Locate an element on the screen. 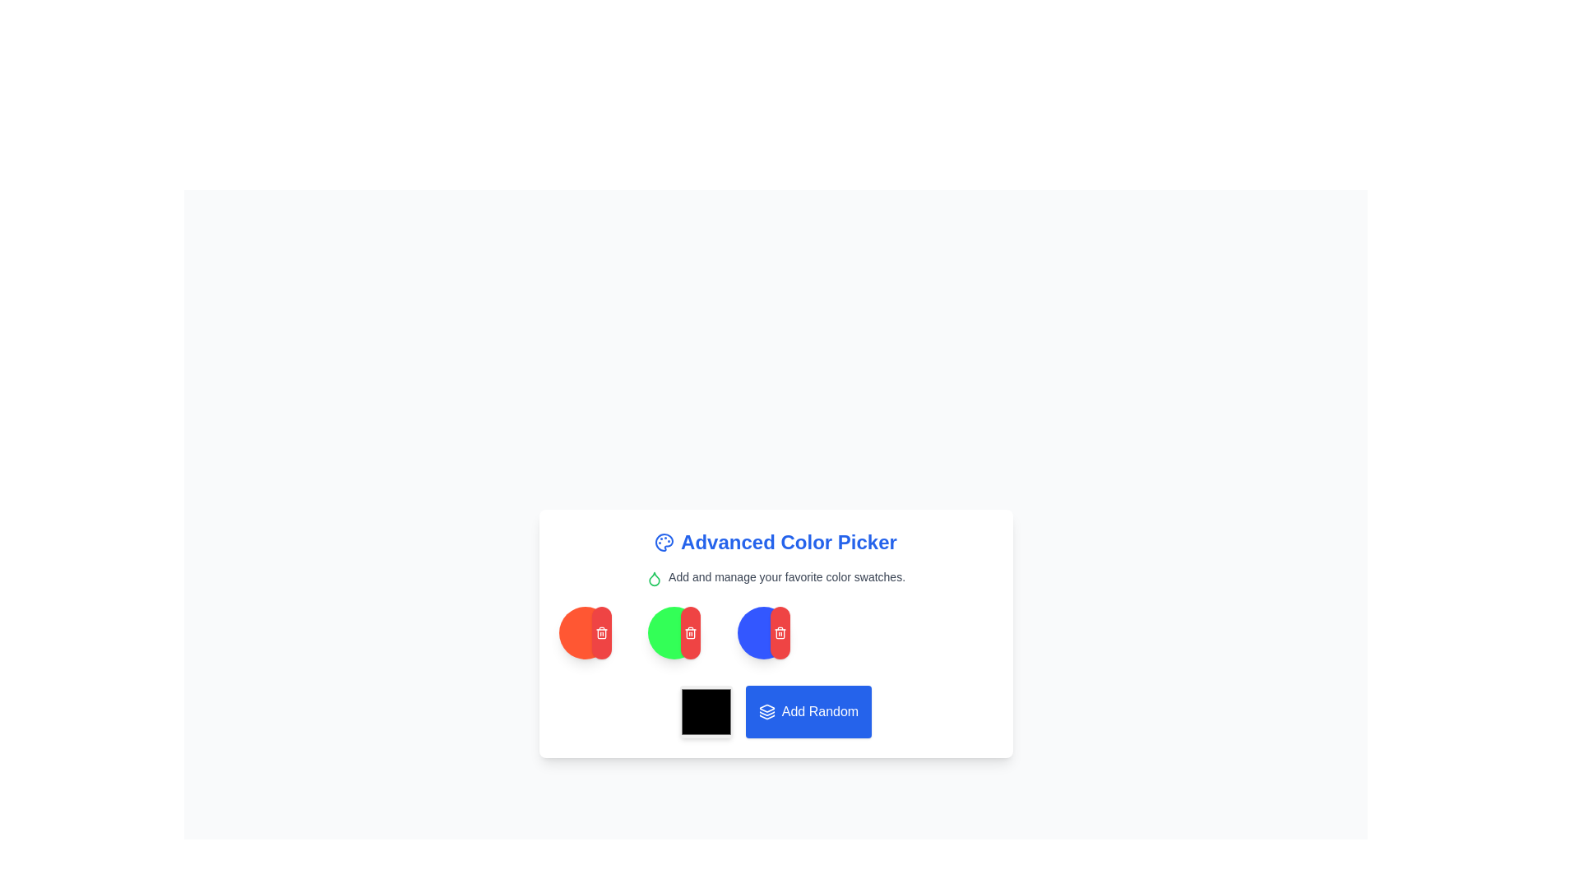  text label that says 'Add and manage your favorite color swatches.' which is positioned below the heading 'Advanced Color Picker.' is located at coordinates (775, 576).